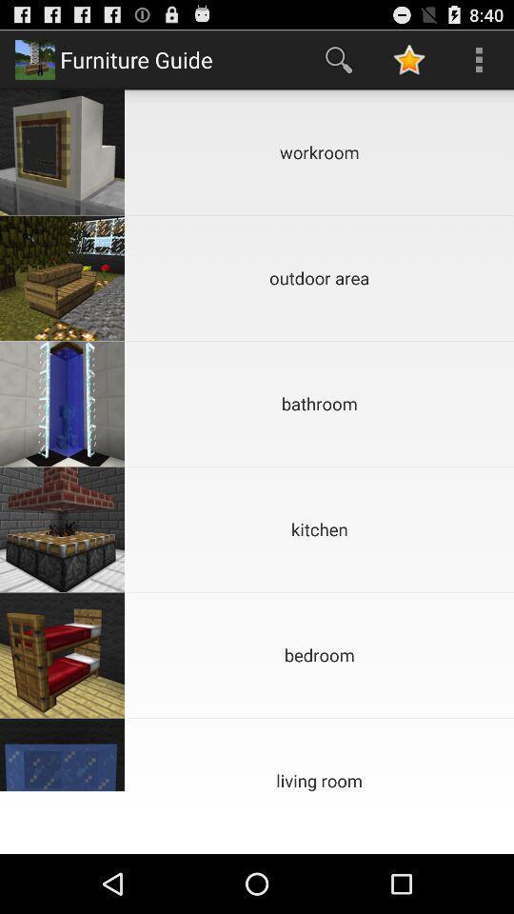 The width and height of the screenshot is (514, 914). Describe the element at coordinates (338, 59) in the screenshot. I see `app next to the furniture guide item` at that location.